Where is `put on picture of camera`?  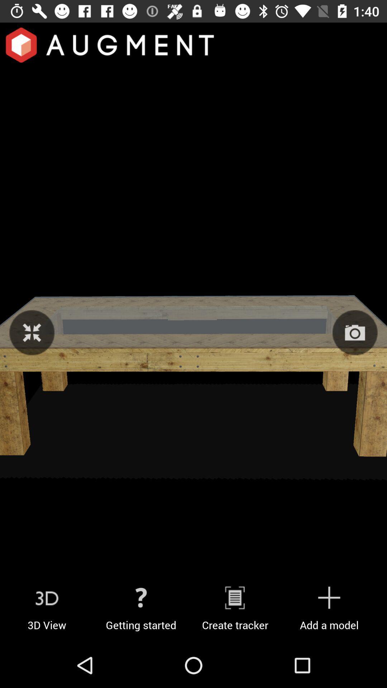
put on picture of camera is located at coordinates (355, 332).